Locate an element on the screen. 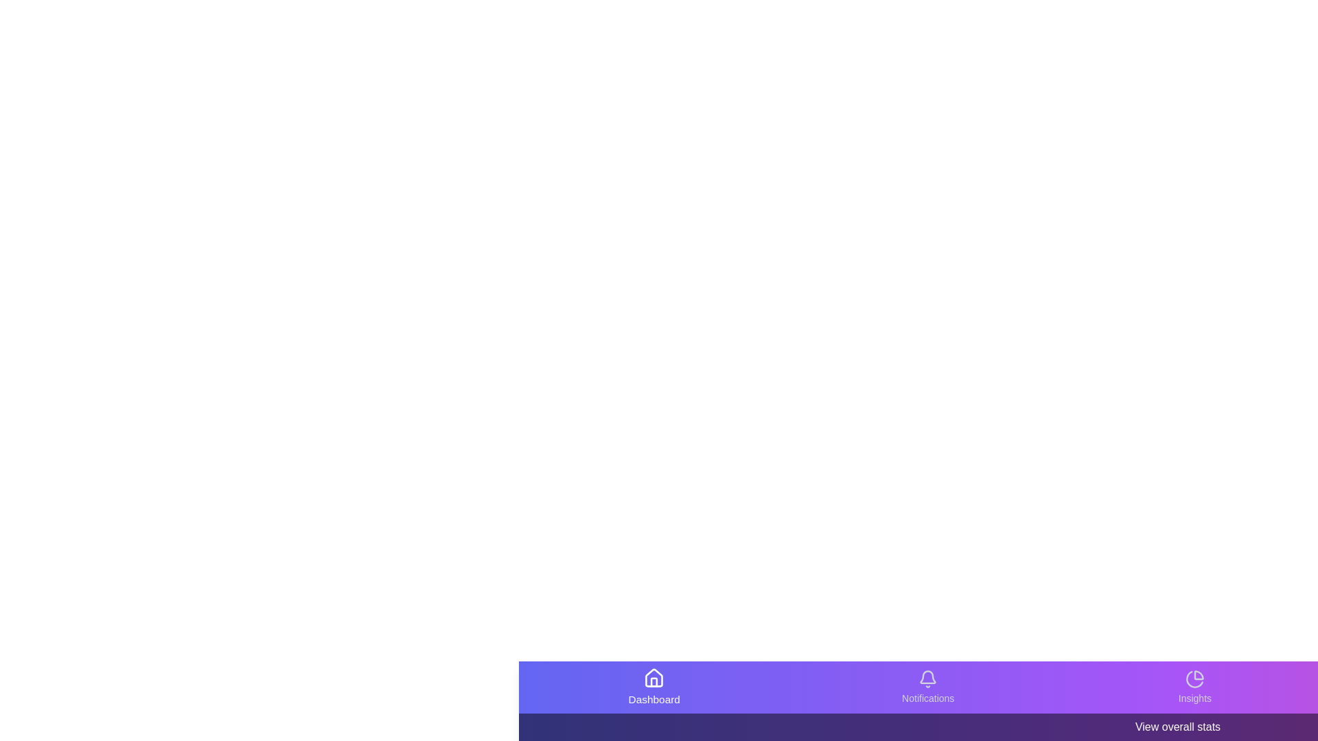 The image size is (1318, 741). the Notifications icon in the bottom navigation bar is located at coordinates (928, 687).